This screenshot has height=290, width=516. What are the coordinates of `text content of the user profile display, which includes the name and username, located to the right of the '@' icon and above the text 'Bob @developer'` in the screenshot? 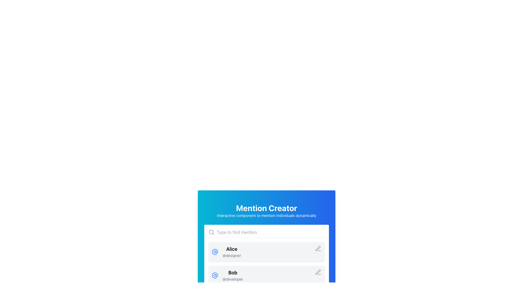 It's located at (232, 252).